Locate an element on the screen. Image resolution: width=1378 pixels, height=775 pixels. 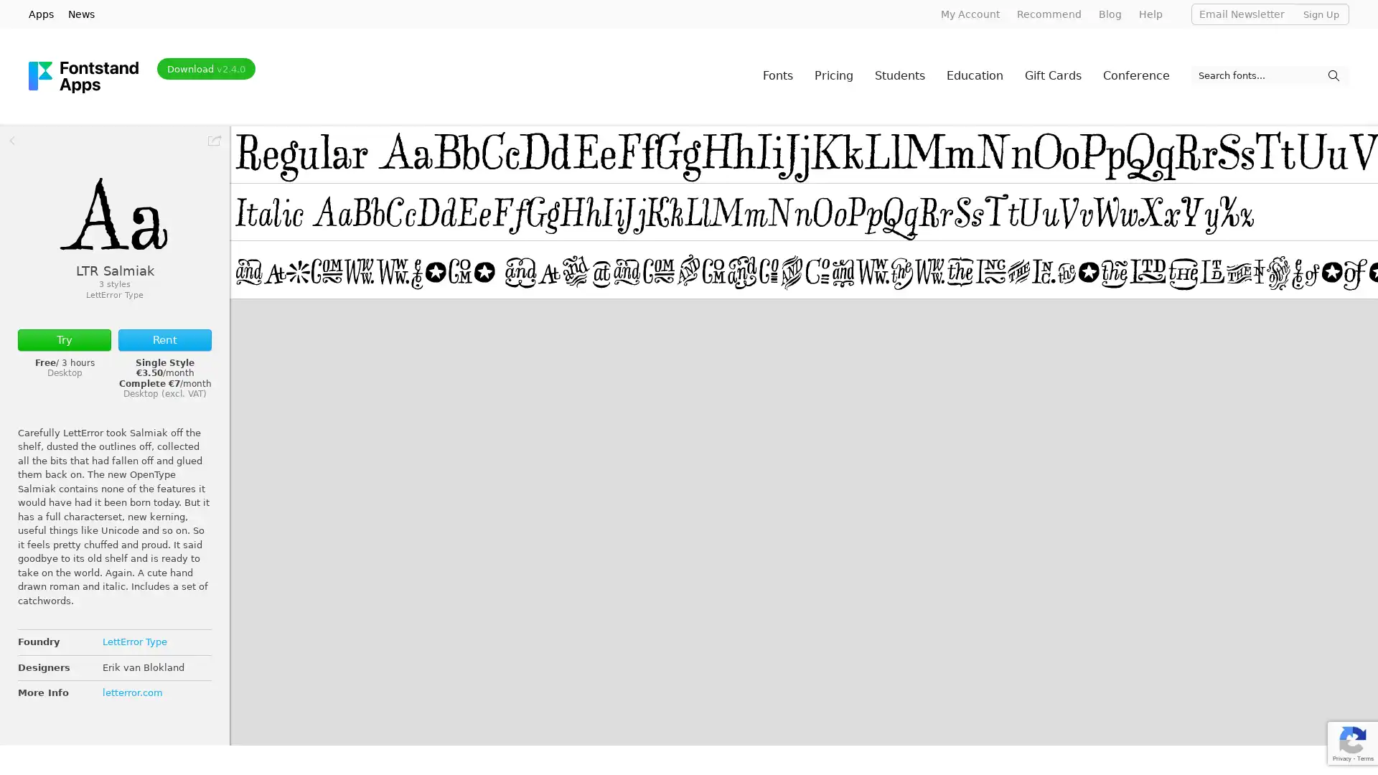
Sign Up is located at coordinates (1321, 14).